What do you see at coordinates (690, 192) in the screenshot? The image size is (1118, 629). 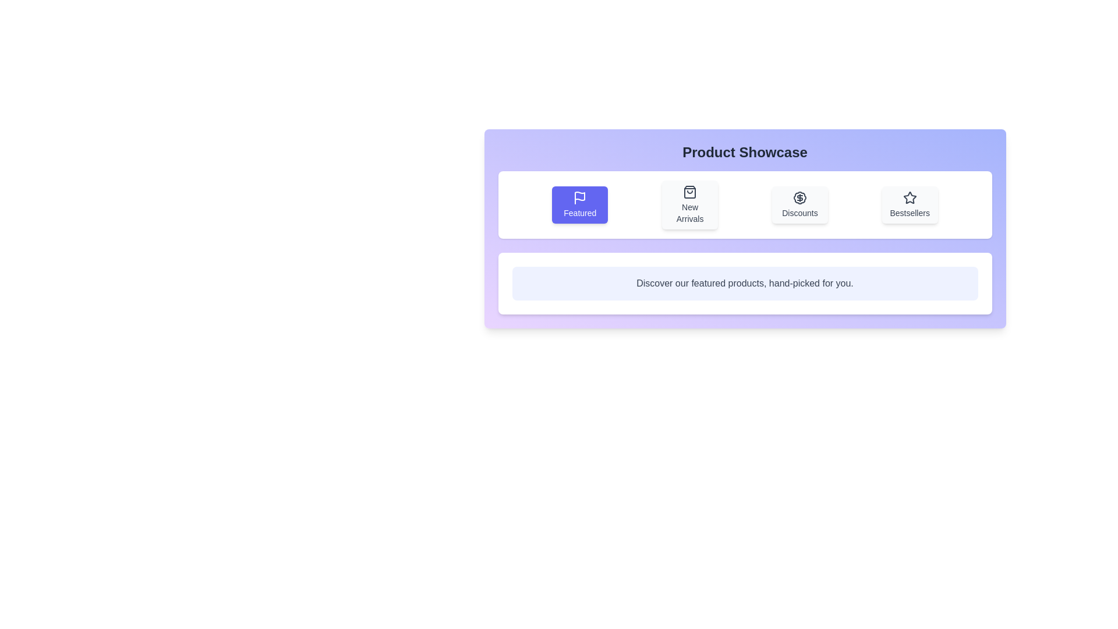 I see `the 'New Arrivals' icon in the navigation bar` at bounding box center [690, 192].